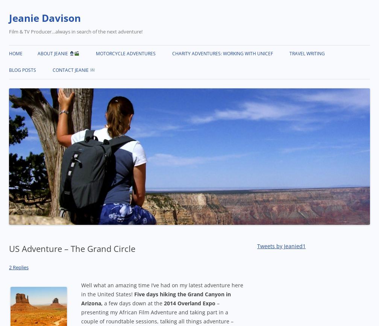  Describe the element at coordinates (133, 302) in the screenshot. I see `'a few days down at the'` at that location.